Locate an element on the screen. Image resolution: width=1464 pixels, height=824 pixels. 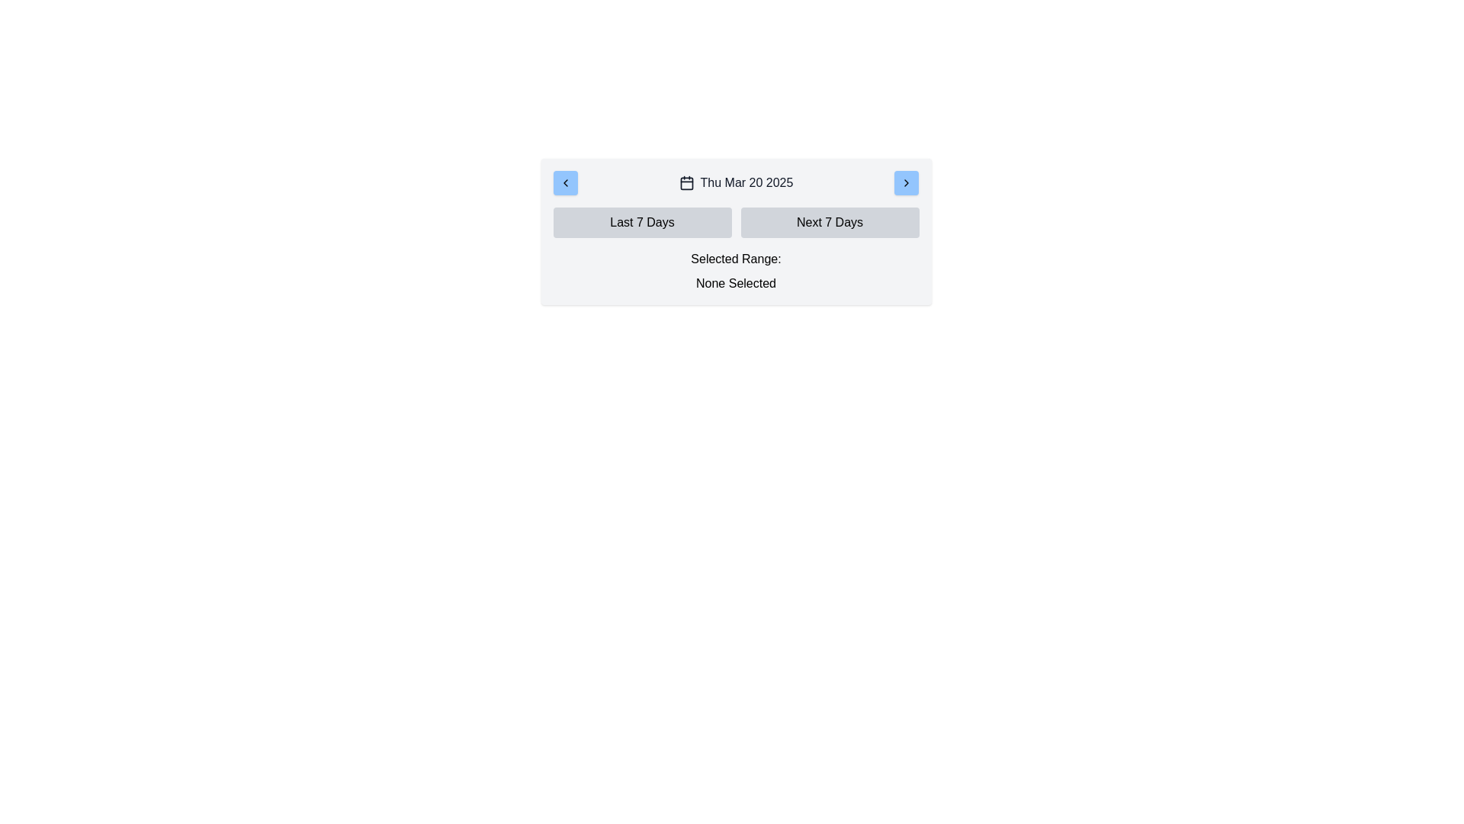
the Text Display Area that displays the state of a selected range, which shows 'None Selected' when no range is selected is located at coordinates (736, 270).